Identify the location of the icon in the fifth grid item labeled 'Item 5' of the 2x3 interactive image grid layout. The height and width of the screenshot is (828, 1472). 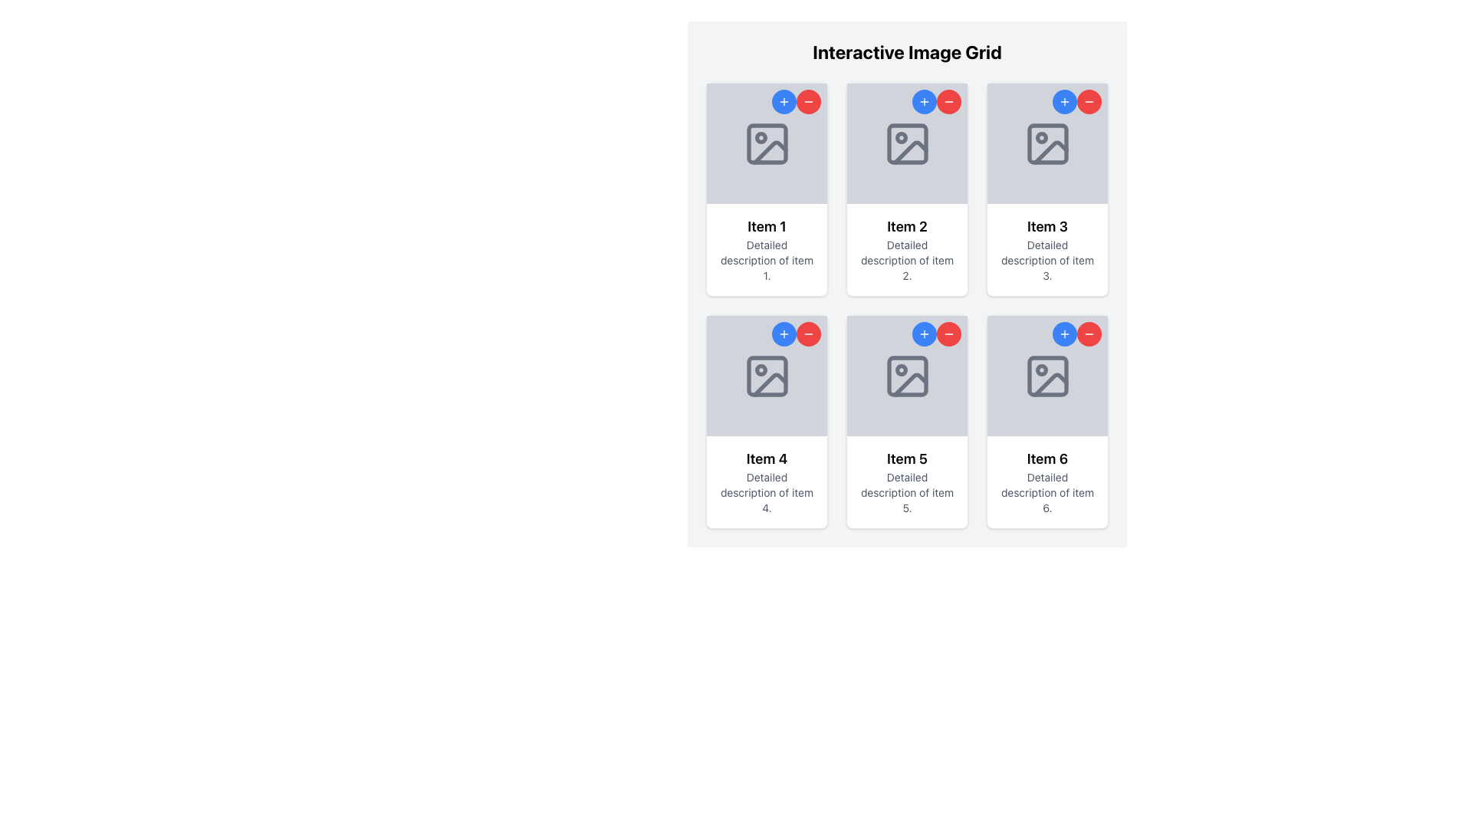
(907, 376).